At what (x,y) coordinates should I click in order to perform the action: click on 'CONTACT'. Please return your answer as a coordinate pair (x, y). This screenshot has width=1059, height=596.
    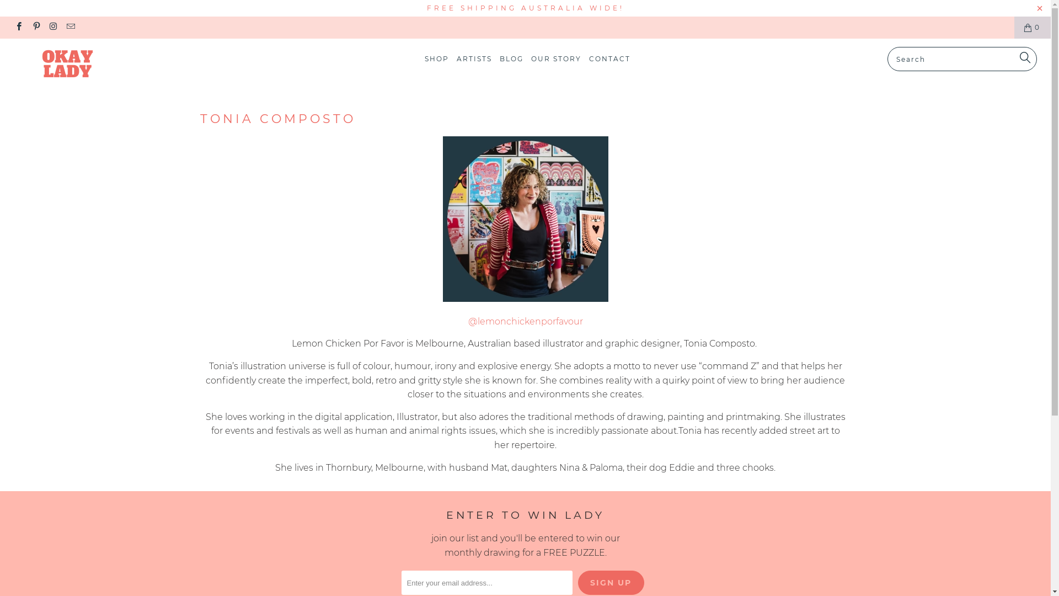
    Looking at the image, I should click on (609, 59).